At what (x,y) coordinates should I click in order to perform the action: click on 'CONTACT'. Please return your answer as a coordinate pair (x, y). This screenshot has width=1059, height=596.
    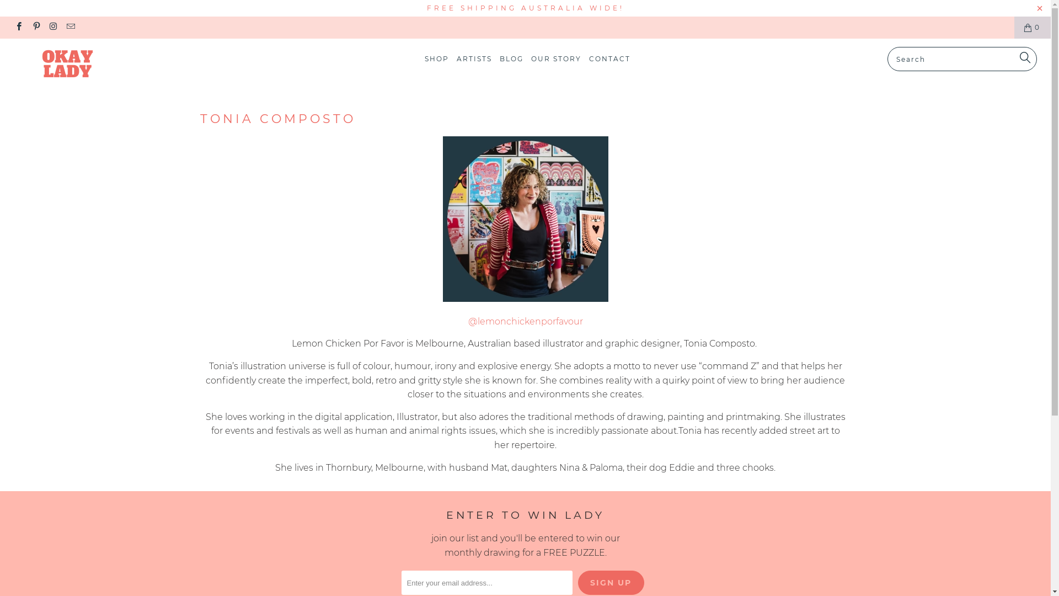
    Looking at the image, I should click on (609, 59).